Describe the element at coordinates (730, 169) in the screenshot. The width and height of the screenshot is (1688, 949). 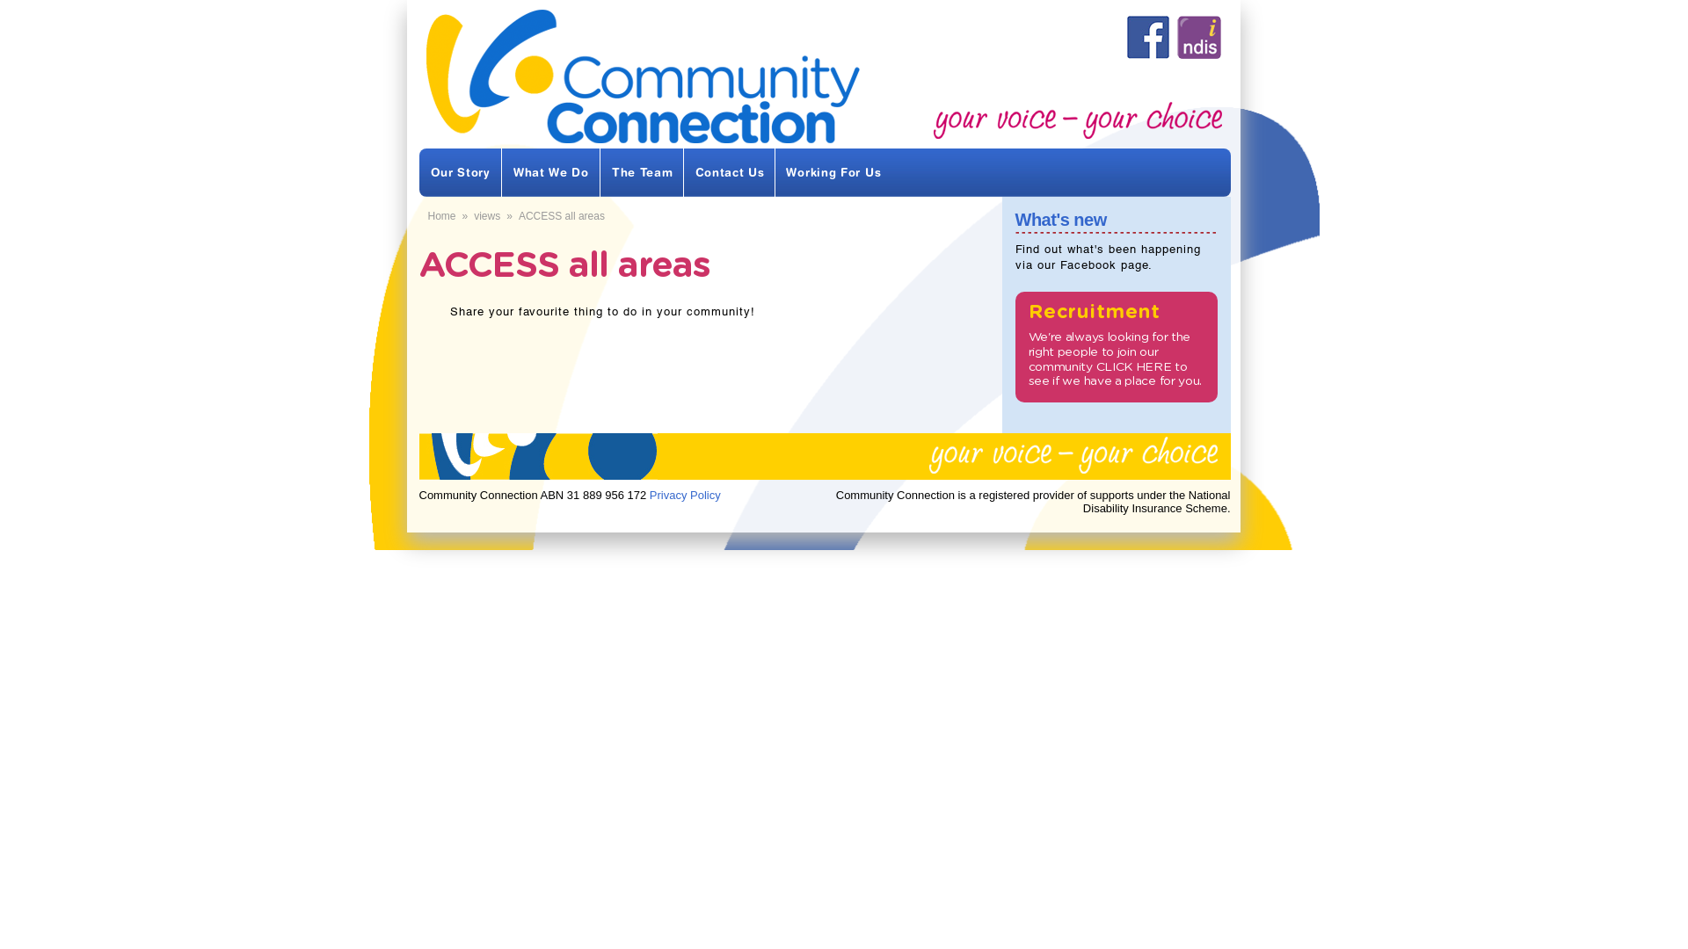
I see `'Contact Us'` at that location.